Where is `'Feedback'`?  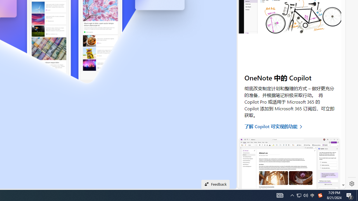 'Feedback' is located at coordinates (215, 184).